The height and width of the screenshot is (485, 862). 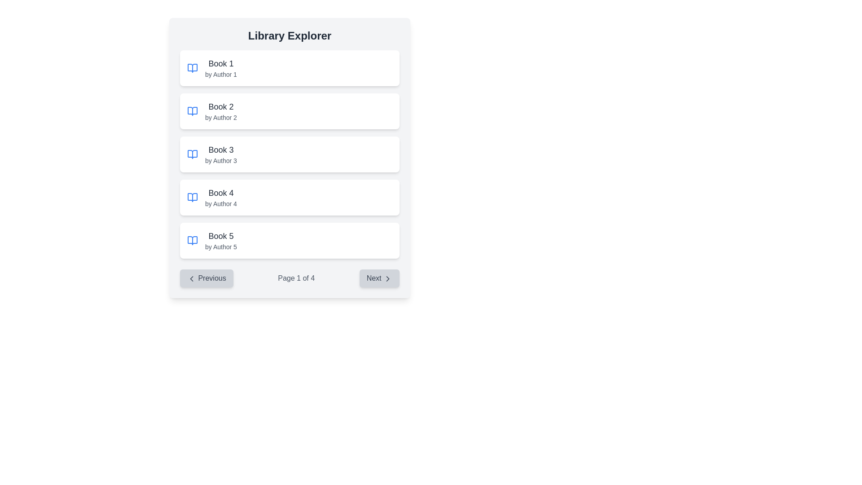 What do you see at coordinates (388, 278) in the screenshot?
I see `the navigation icon located in the bottom-right corner of the interface, specifically within the 'Next' button area` at bounding box center [388, 278].